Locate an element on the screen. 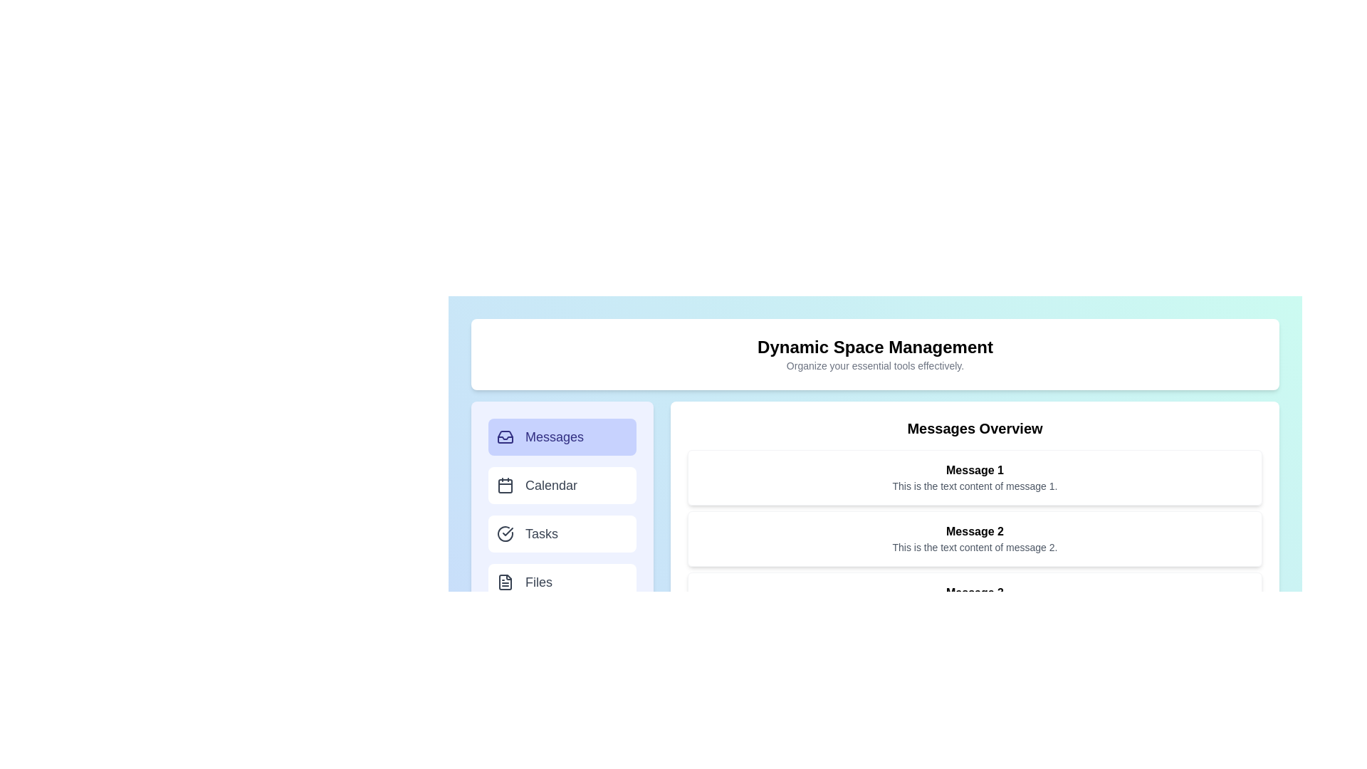  the compact SVG inbox tray icon with a dark blue stroke located in the 'Messages' button in the sidebar, preceding the text label 'Messages' is located at coordinates (506, 436).